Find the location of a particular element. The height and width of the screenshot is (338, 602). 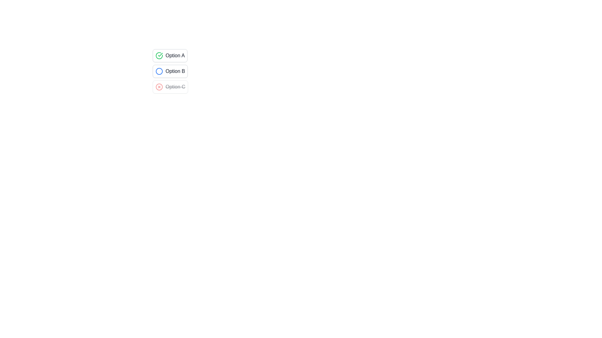

the TextLabel that displays 'Option A', which serves as a label for the first selectable option in a list of choices is located at coordinates (175, 55).